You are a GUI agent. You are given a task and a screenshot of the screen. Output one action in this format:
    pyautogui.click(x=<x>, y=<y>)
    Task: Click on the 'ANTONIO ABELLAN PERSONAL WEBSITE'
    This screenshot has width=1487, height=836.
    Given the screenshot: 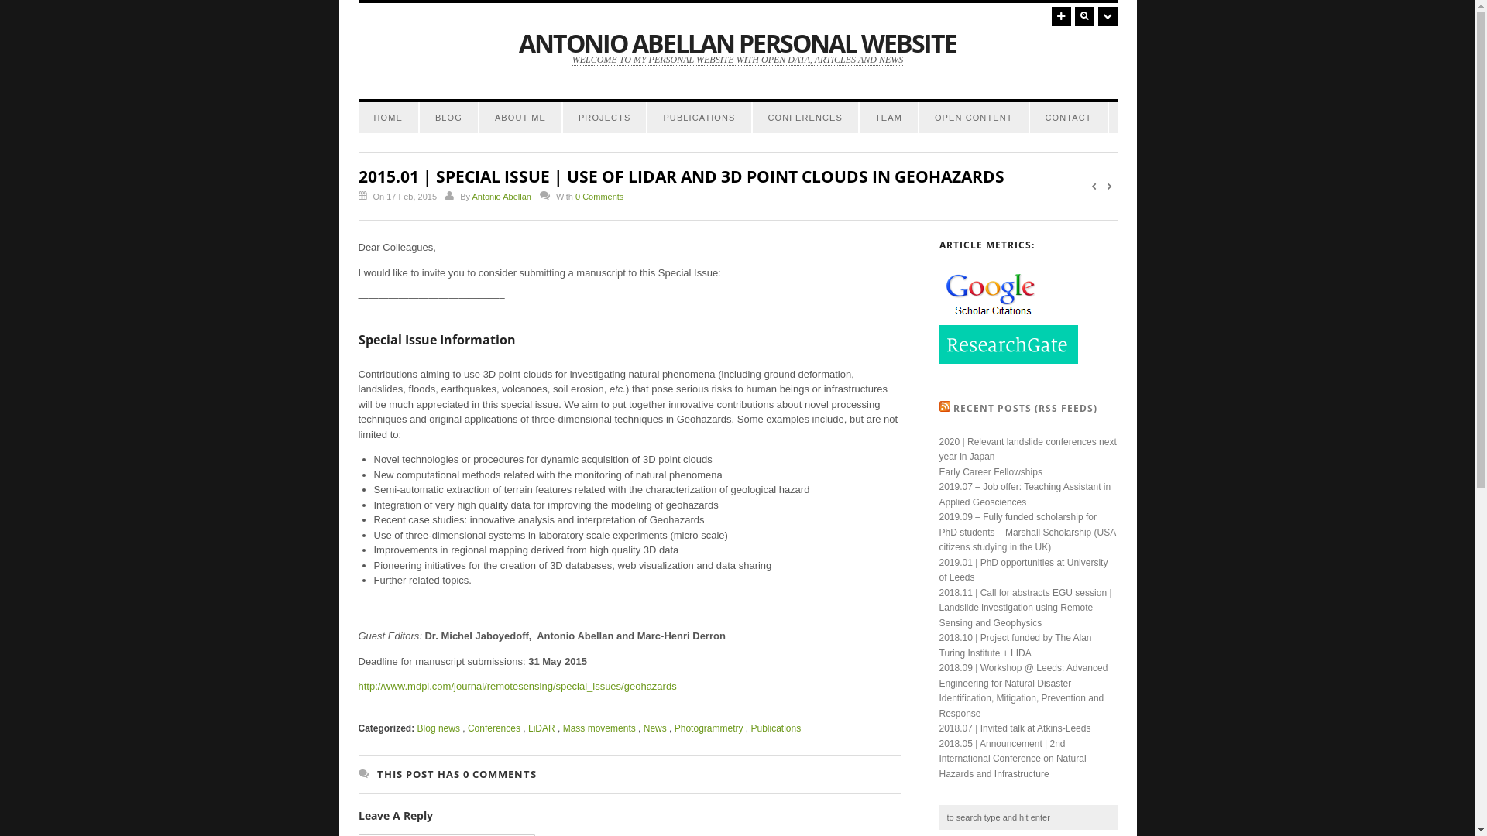 What is the action you would take?
    pyautogui.click(x=737, y=42)
    